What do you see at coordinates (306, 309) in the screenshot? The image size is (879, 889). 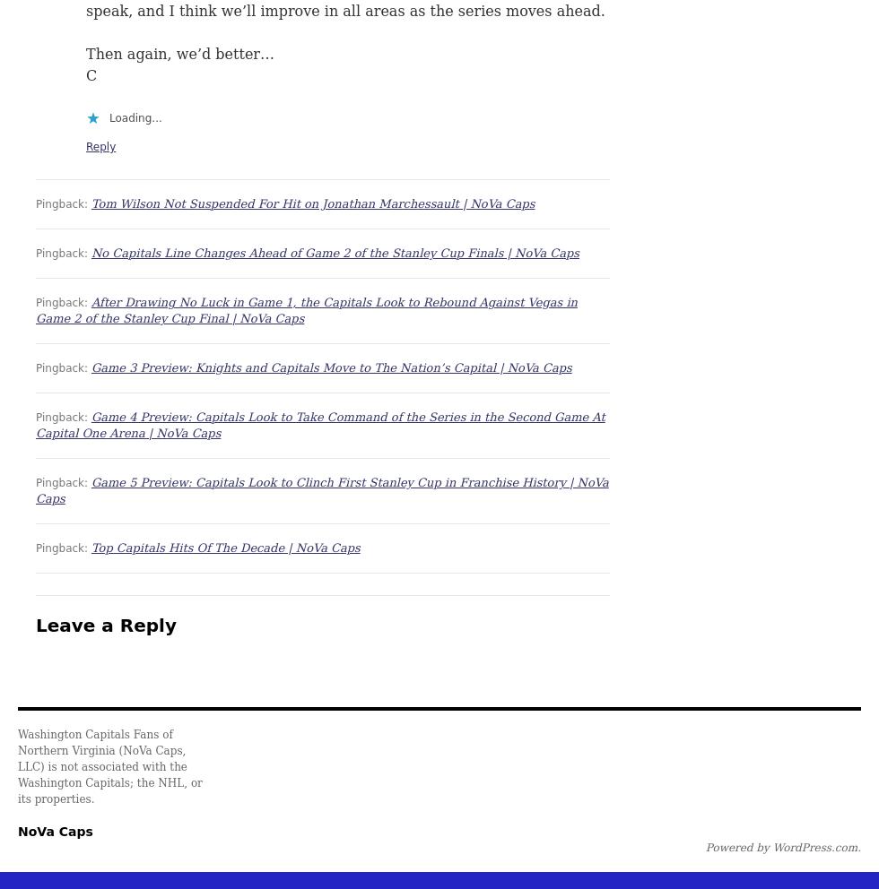 I see `'After Drawing No Luck in Game 1, the Capitals Look to Rebound Against Vegas in Game 2 of the Stanley Cup Final | NoVa Caps'` at bounding box center [306, 309].